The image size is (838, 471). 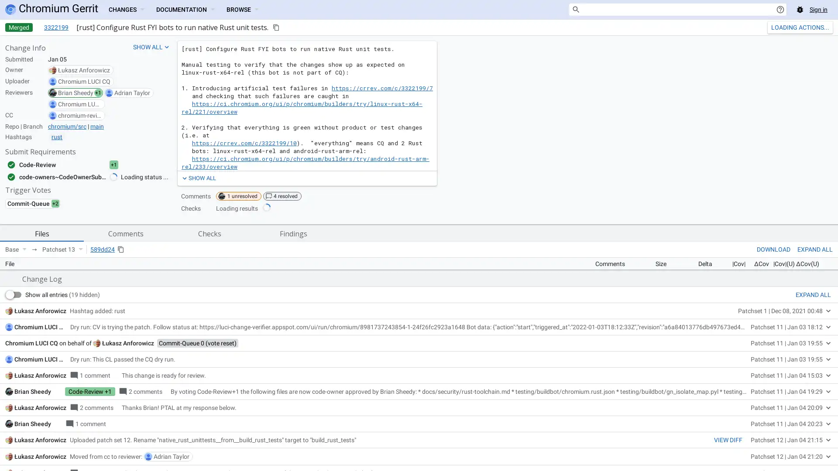 What do you see at coordinates (79, 115) in the screenshot?
I see `chromium-reviews@chromium.org` at bounding box center [79, 115].